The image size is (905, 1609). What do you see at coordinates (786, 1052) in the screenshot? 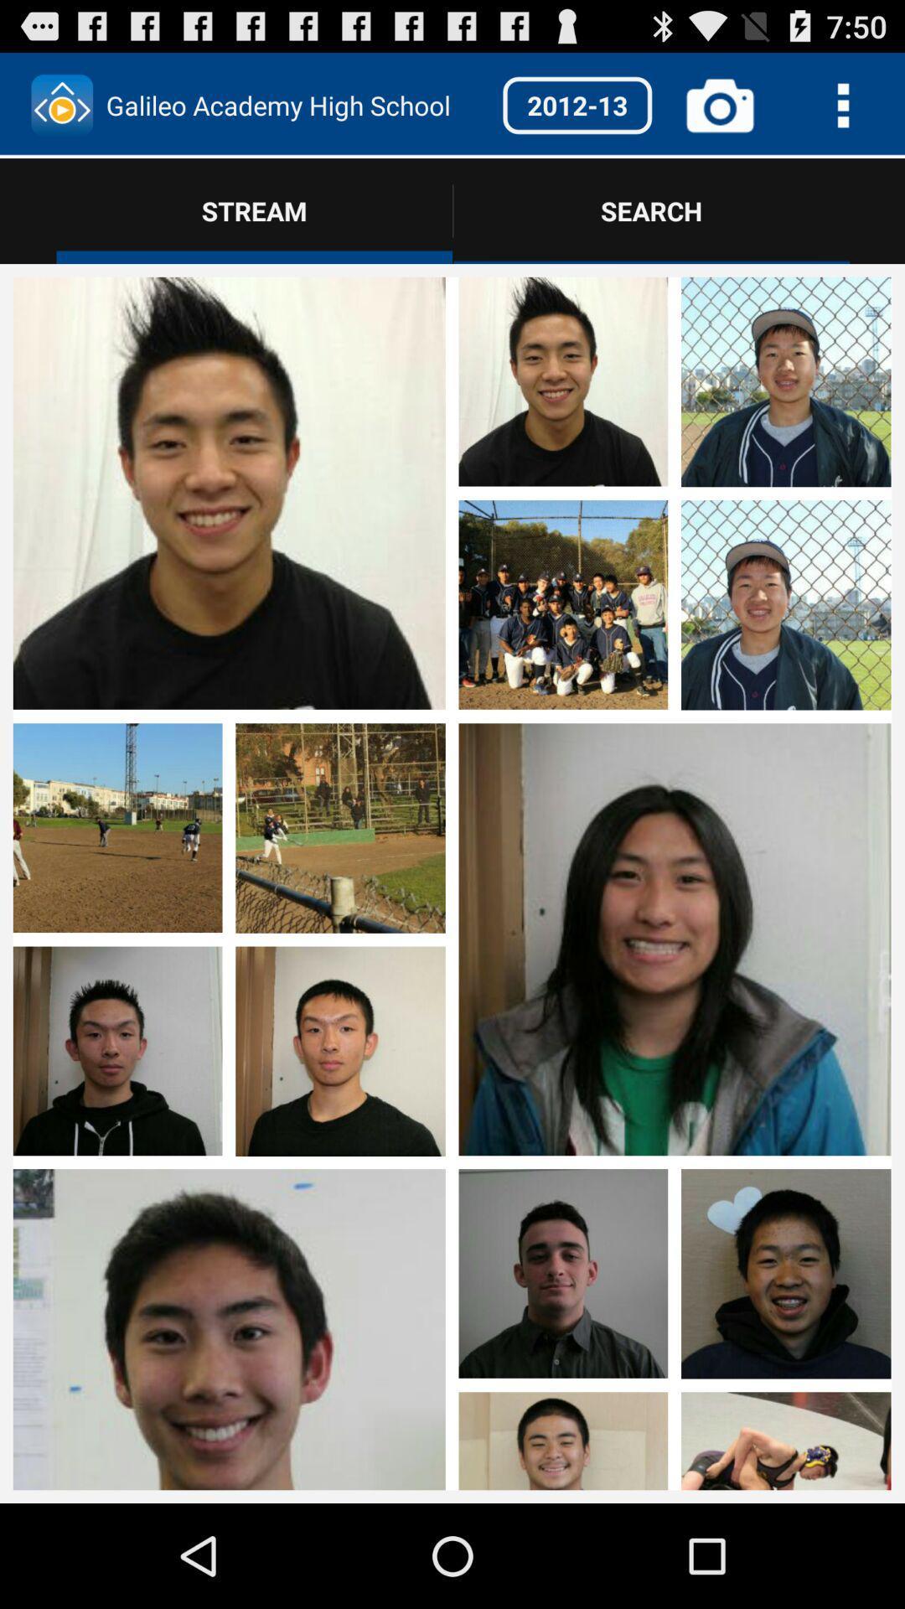
I see `share the photos` at bounding box center [786, 1052].